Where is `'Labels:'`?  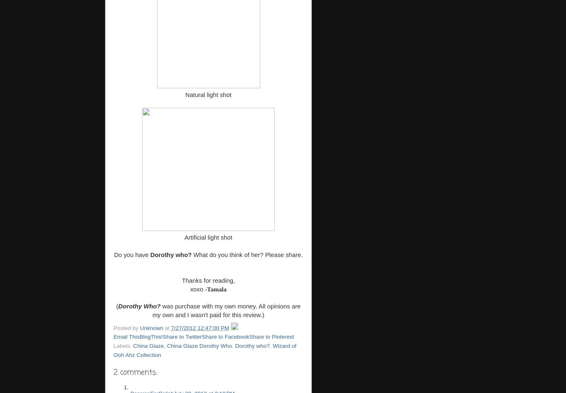
'Labels:' is located at coordinates (123, 345).